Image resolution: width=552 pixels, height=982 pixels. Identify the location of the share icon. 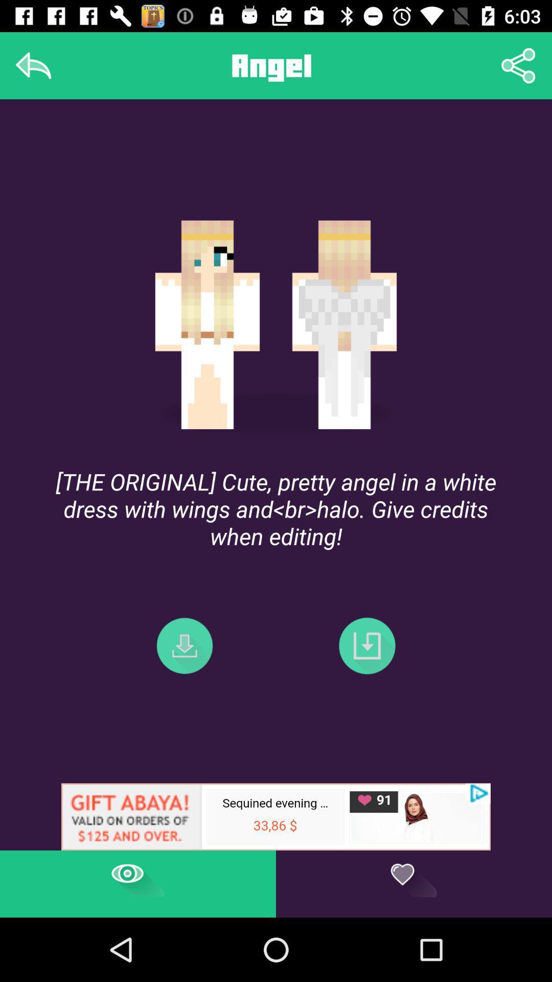
(518, 65).